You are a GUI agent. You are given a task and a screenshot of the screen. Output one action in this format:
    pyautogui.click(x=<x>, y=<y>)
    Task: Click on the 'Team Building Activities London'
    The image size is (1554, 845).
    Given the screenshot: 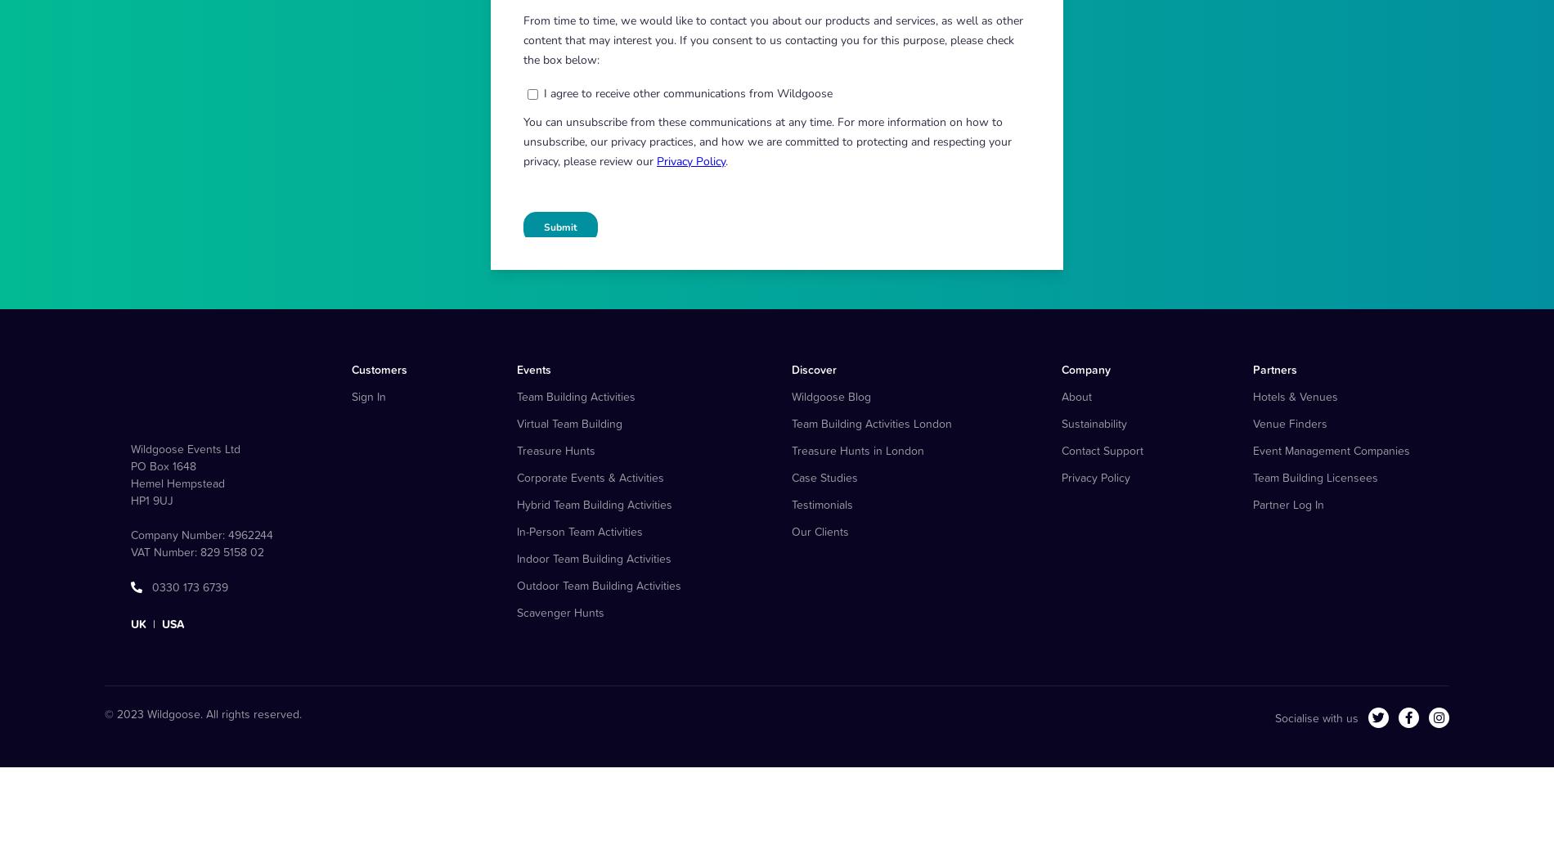 What is the action you would take?
    pyautogui.click(x=870, y=502)
    